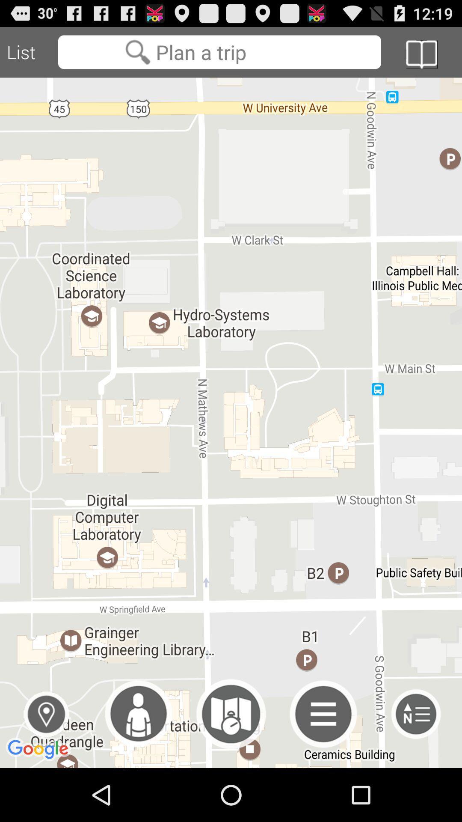  Describe the element at coordinates (46, 764) in the screenshot. I see `the location icon` at that location.